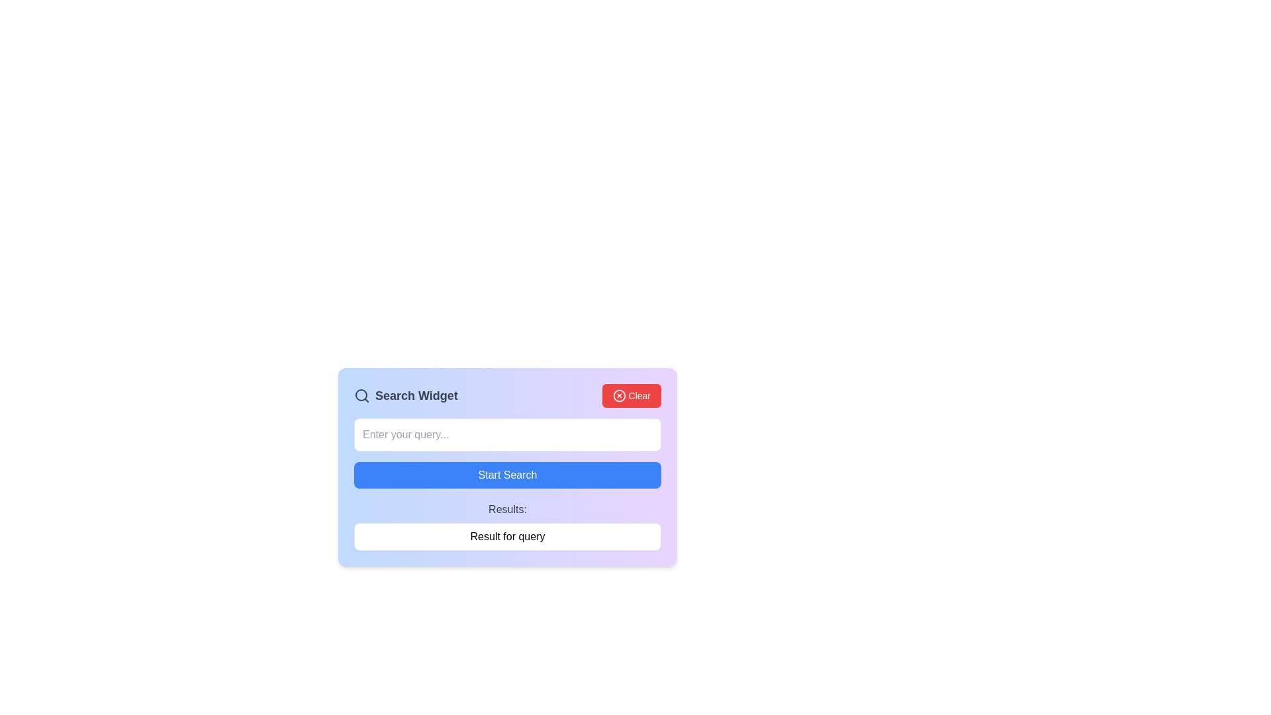  What do you see at coordinates (618, 395) in the screenshot?
I see `the icon that visually identifies the 'Clear' button, located to the left of the text label 'Clear'` at bounding box center [618, 395].